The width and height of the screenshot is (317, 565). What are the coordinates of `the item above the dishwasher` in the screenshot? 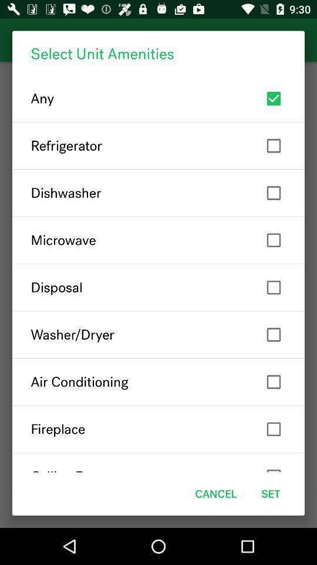 It's located at (158, 145).